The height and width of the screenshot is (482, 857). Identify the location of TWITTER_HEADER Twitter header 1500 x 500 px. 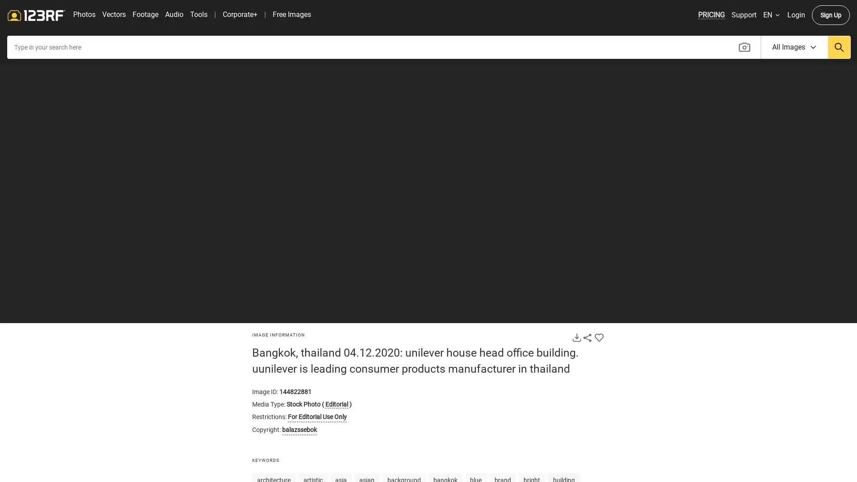
(821, 453).